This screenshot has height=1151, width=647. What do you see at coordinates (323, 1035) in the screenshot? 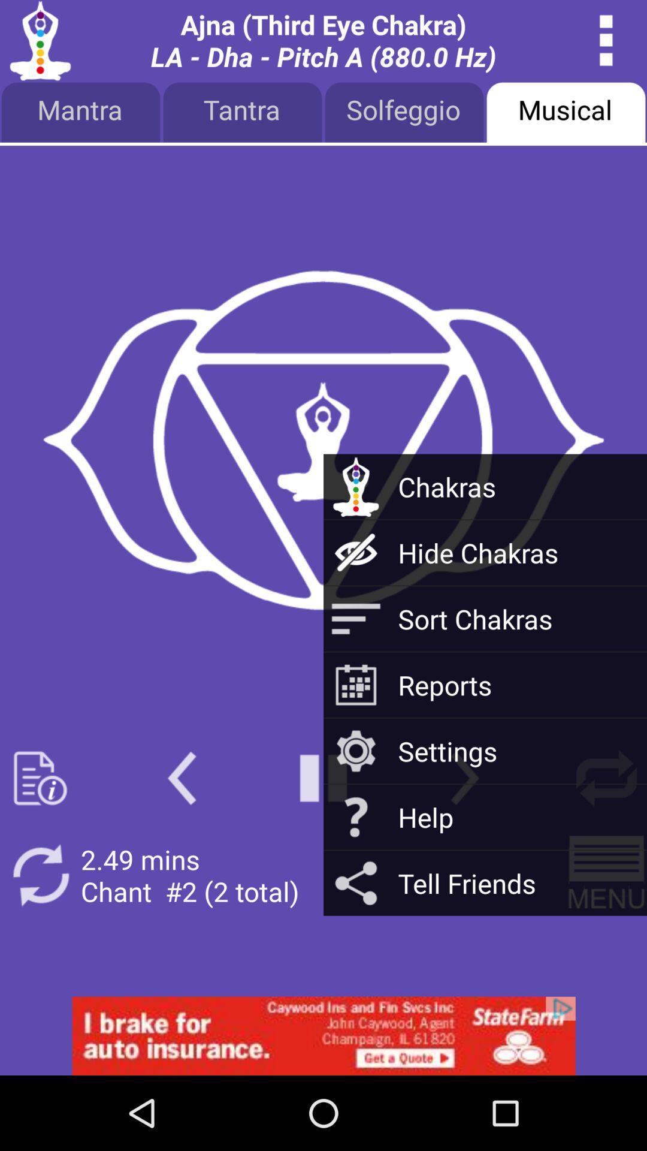
I see `option` at bounding box center [323, 1035].